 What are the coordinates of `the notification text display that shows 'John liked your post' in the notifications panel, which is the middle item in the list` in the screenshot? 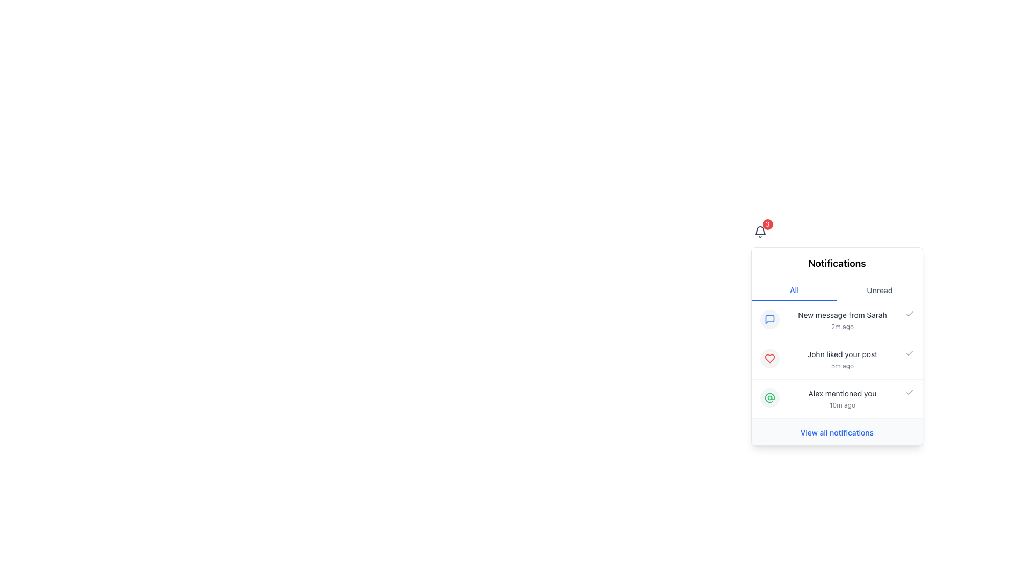 It's located at (842, 360).